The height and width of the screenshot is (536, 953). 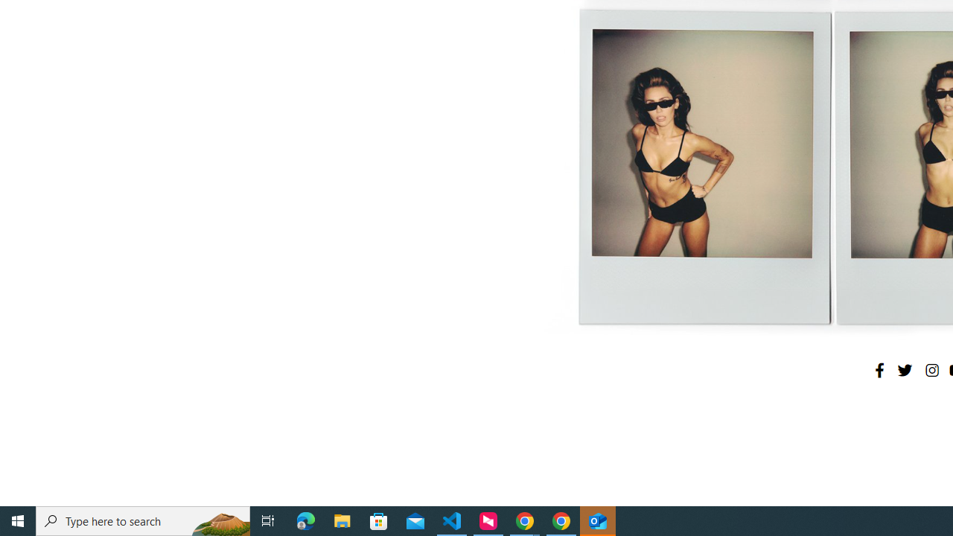 I want to click on 'Instagram', so click(x=931, y=369).